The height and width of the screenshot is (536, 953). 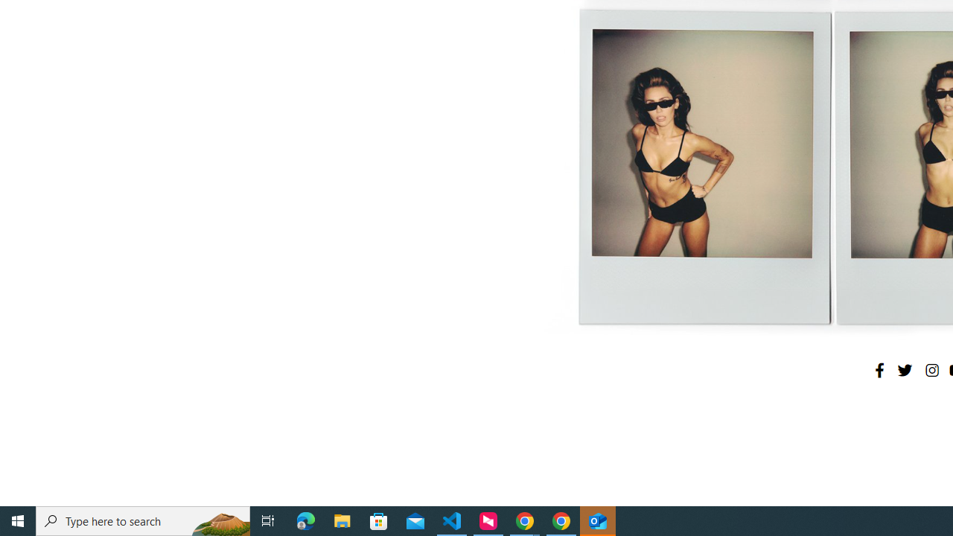 I want to click on 'Instagram', so click(x=931, y=369).